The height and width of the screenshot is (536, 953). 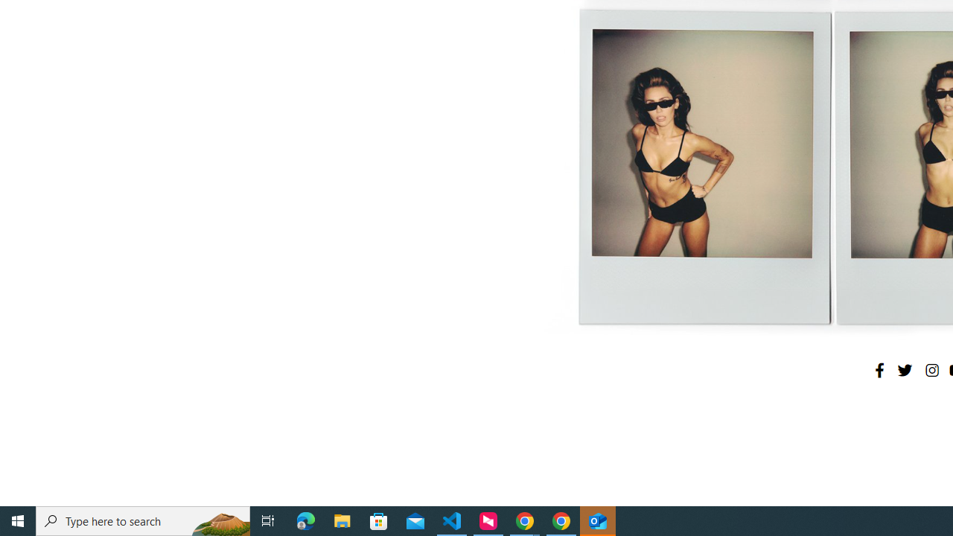 I want to click on 'Instagram', so click(x=931, y=369).